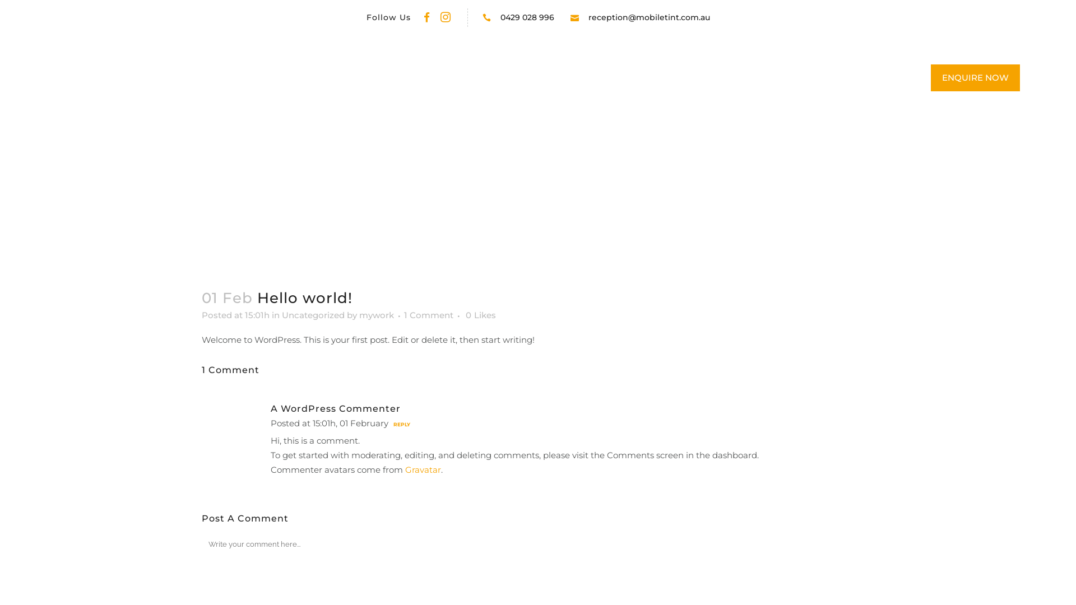 The height and width of the screenshot is (605, 1076). I want to click on 'Why Us?', so click(505, 77).